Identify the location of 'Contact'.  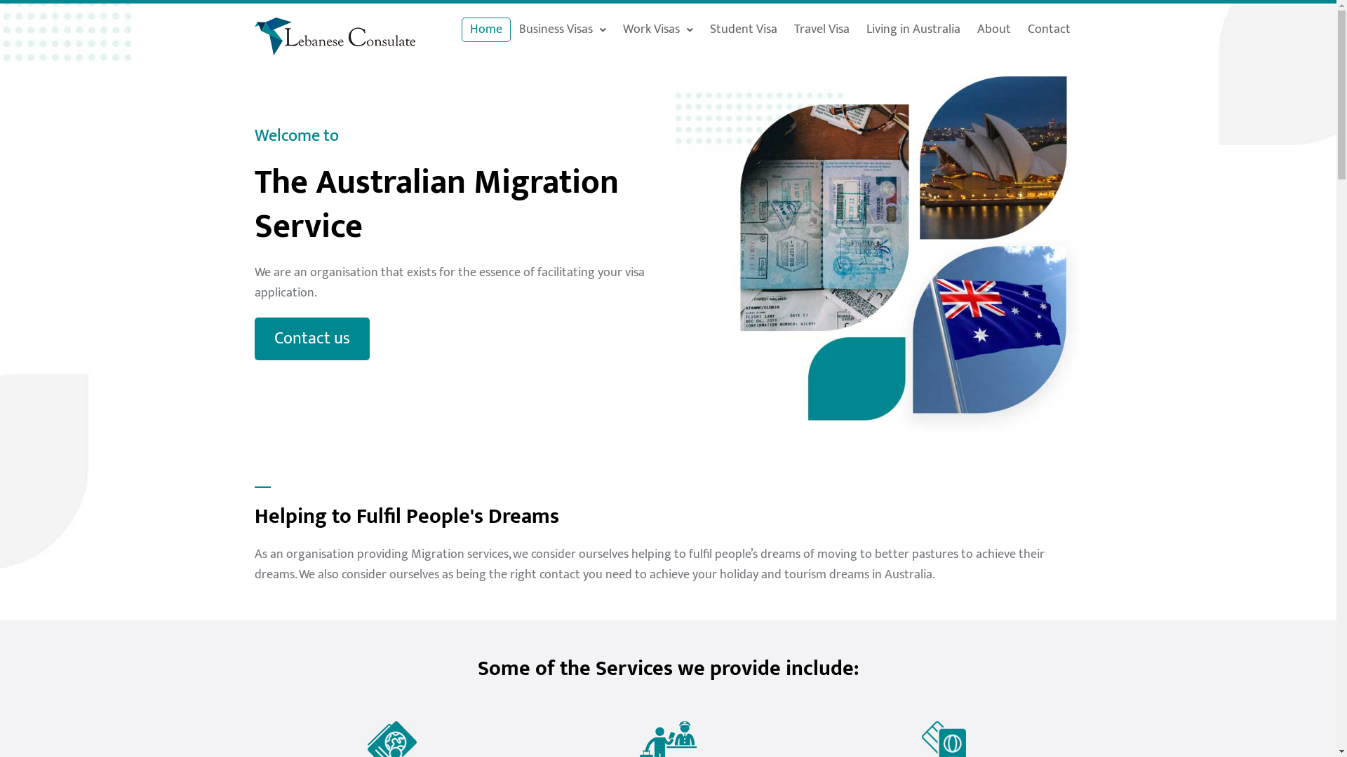
(1049, 29).